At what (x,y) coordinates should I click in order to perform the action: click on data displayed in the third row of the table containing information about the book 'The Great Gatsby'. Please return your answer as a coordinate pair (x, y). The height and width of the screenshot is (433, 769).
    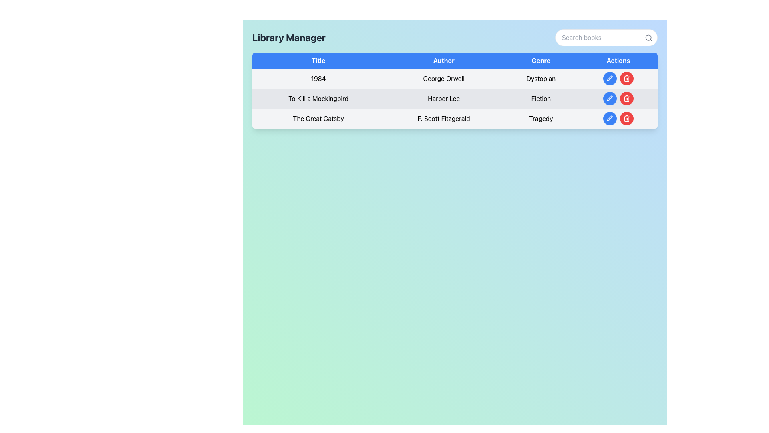
    Looking at the image, I should click on (455, 119).